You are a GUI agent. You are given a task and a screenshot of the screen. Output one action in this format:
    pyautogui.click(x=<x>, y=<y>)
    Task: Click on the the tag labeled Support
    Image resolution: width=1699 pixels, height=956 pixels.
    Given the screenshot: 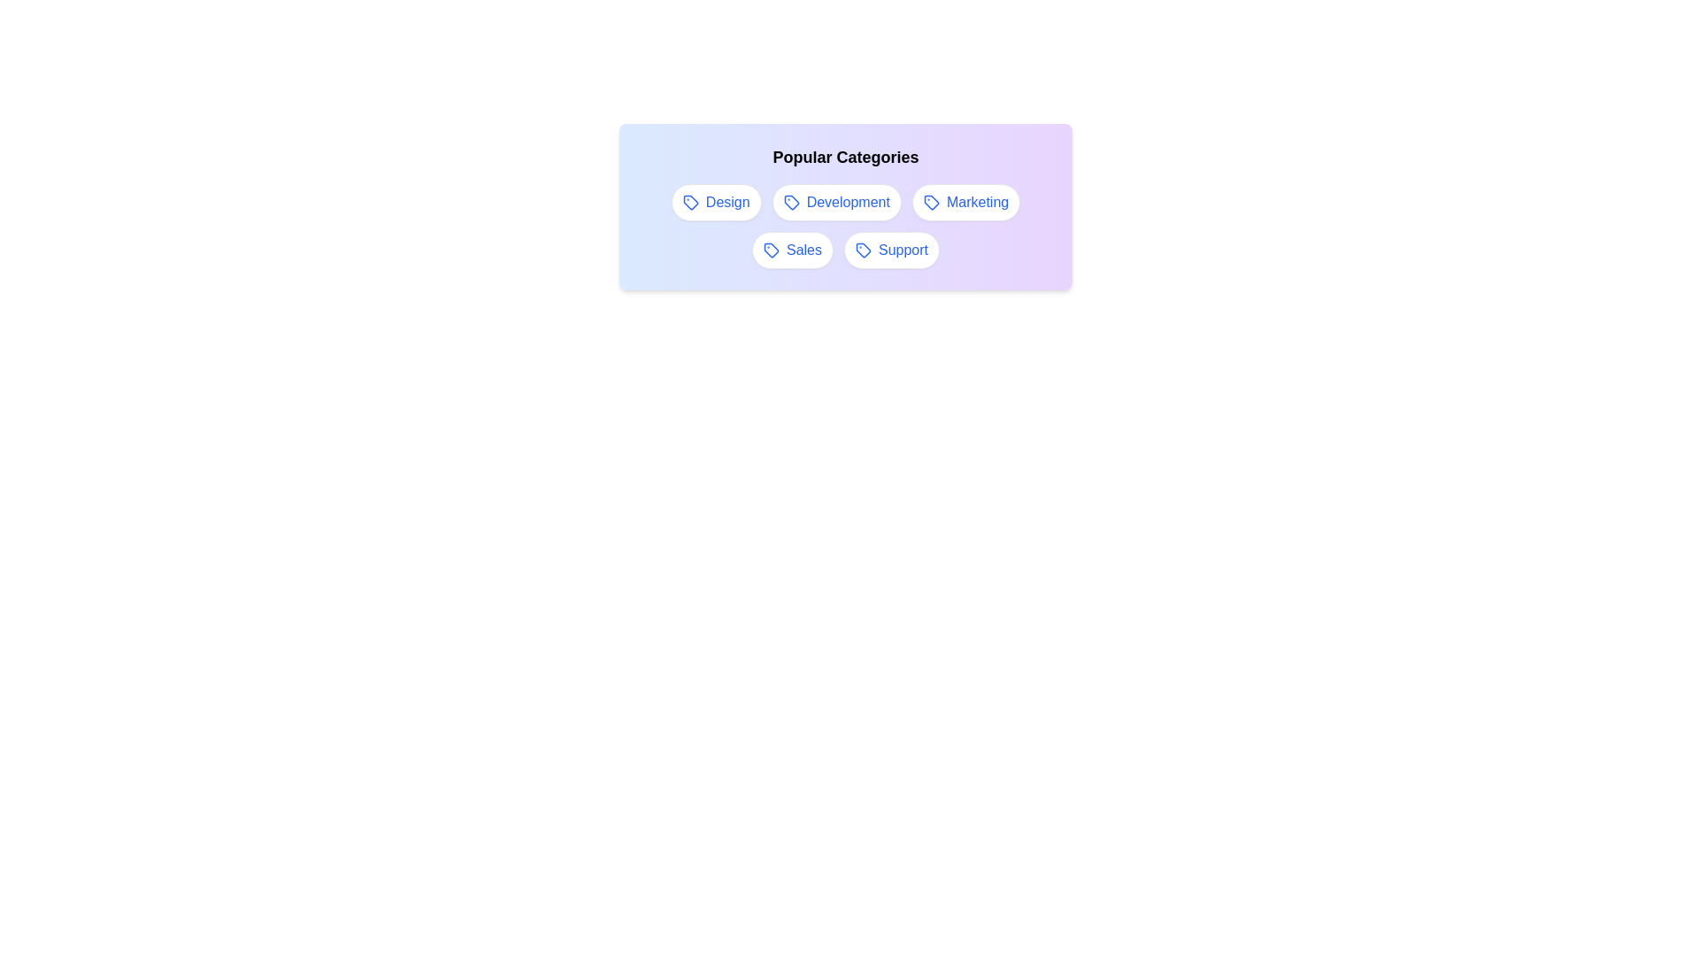 What is the action you would take?
    pyautogui.click(x=892, y=250)
    